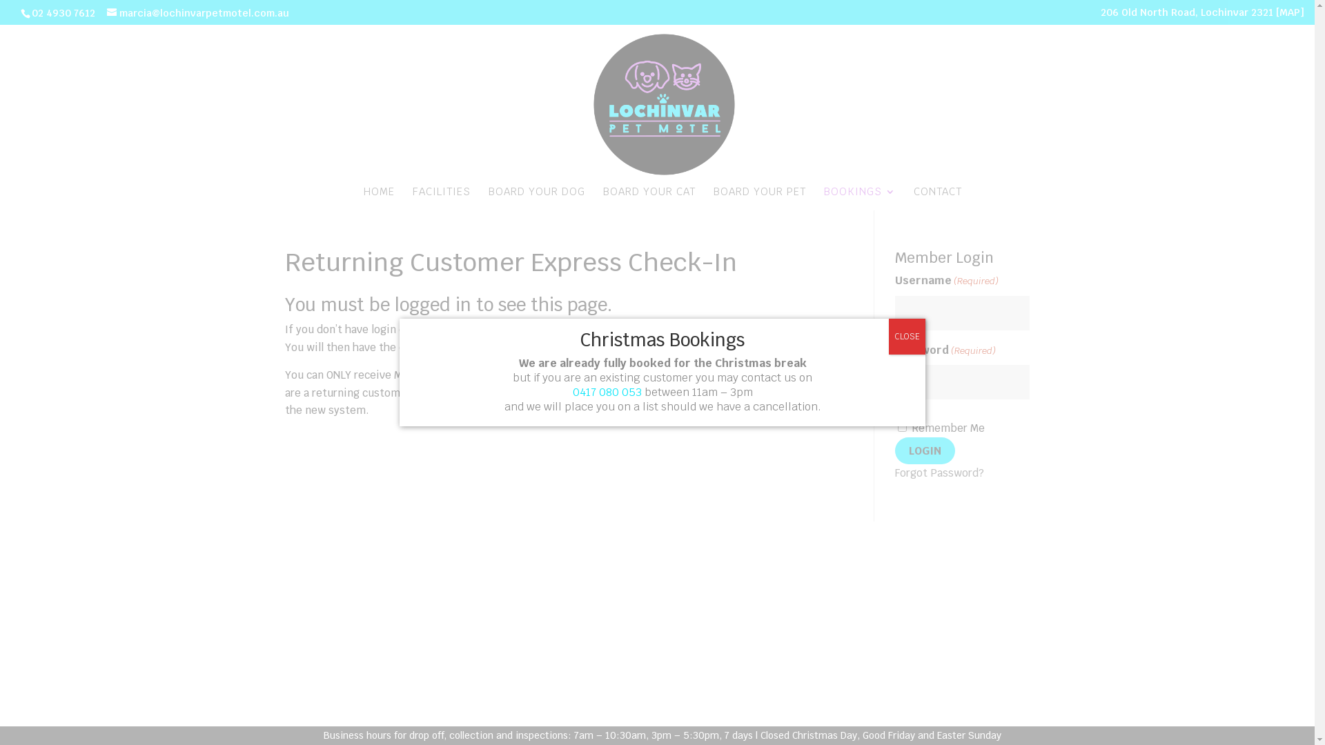 The height and width of the screenshot is (745, 1325). Describe the element at coordinates (378, 199) in the screenshot. I see `'HOME'` at that location.